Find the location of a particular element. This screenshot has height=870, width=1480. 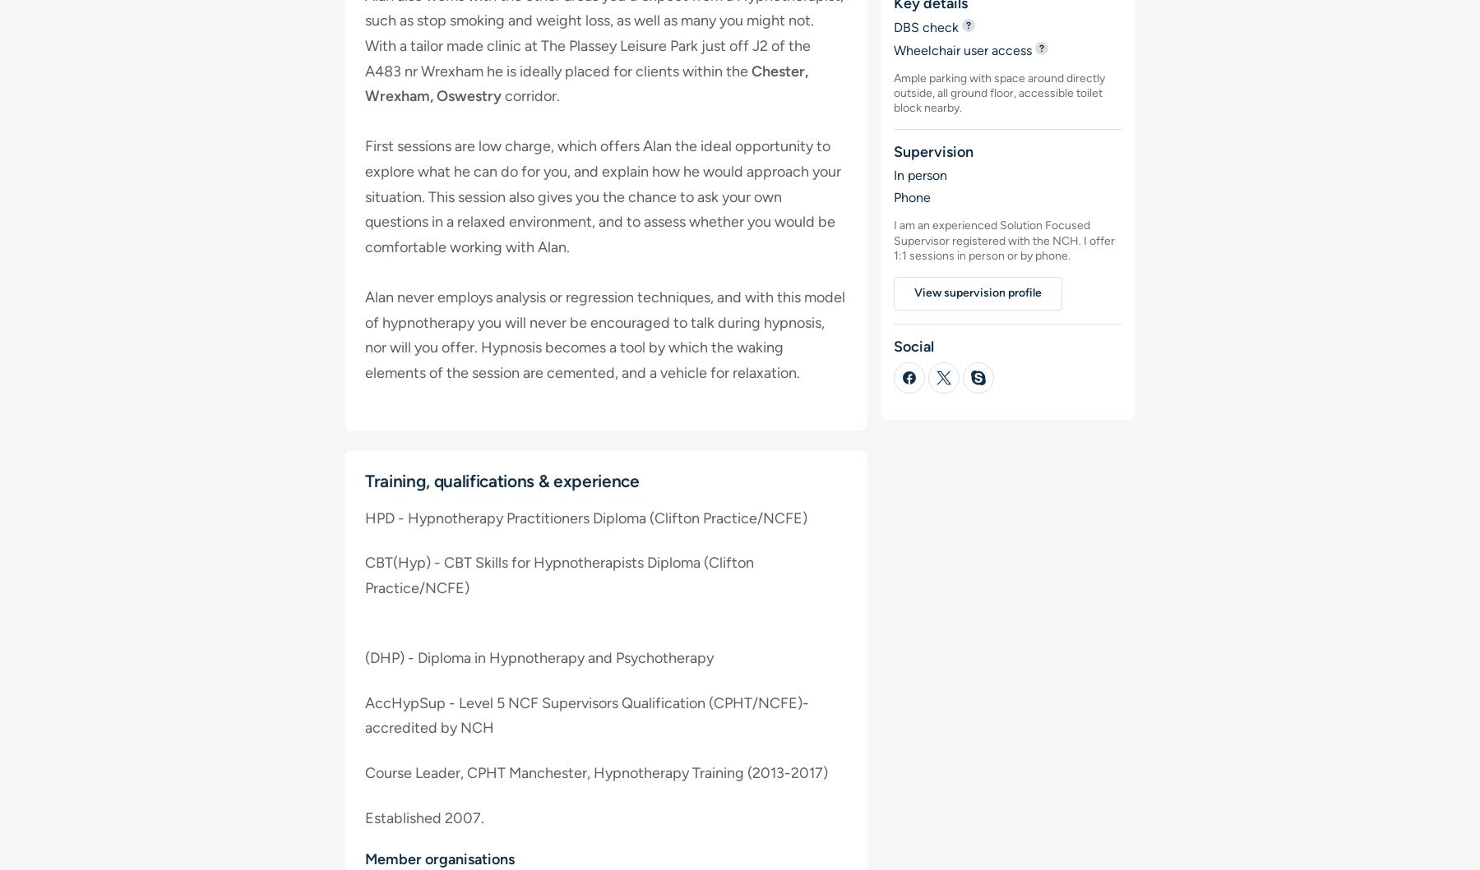

'Established 2007.' is located at coordinates (423, 817).